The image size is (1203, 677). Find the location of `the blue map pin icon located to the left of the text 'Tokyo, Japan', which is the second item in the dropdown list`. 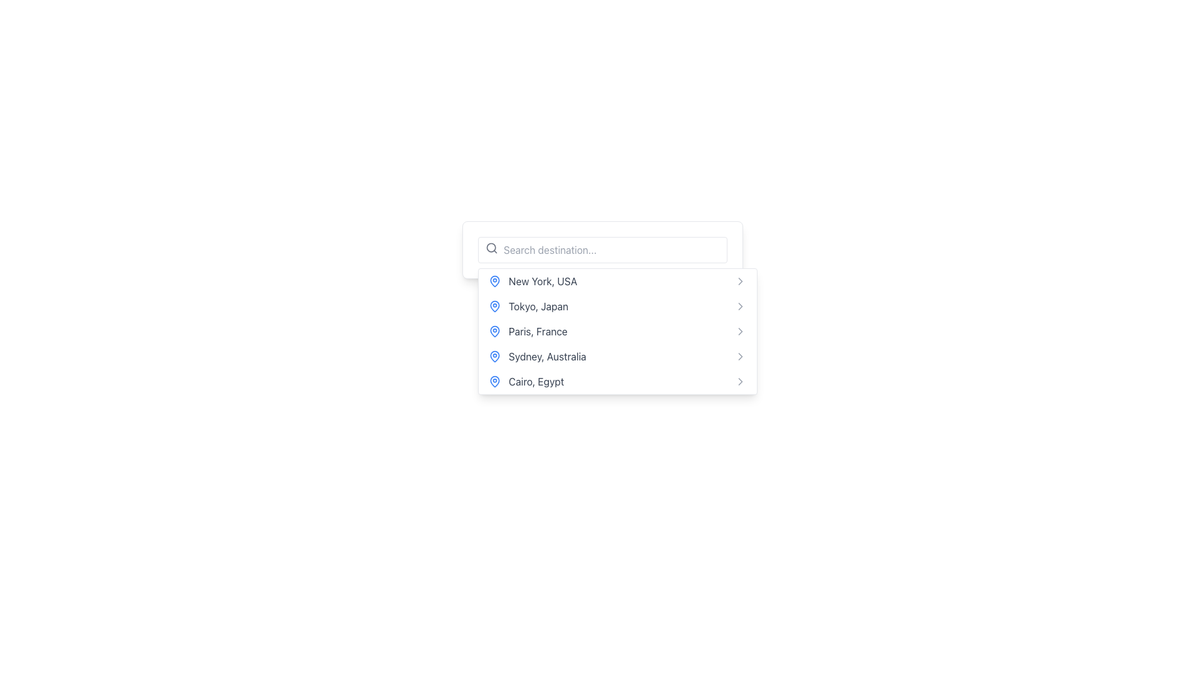

the blue map pin icon located to the left of the text 'Tokyo, Japan', which is the second item in the dropdown list is located at coordinates (494, 307).